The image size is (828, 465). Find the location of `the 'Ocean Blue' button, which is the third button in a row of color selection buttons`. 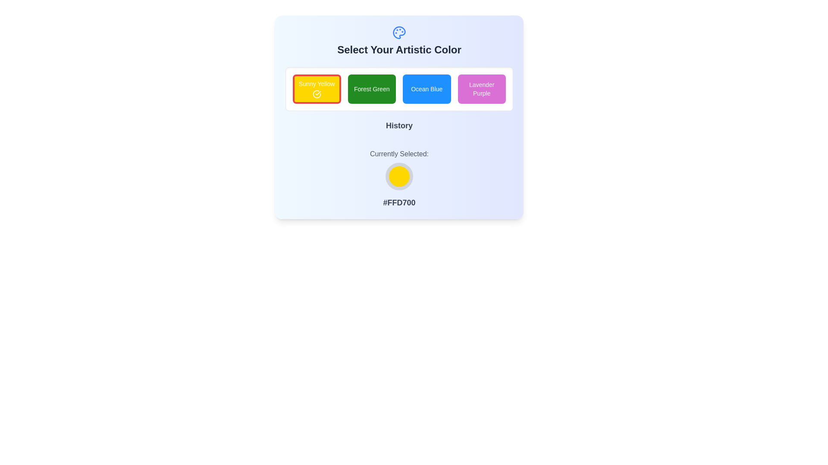

the 'Ocean Blue' button, which is the third button in a row of color selection buttons is located at coordinates (427, 89).